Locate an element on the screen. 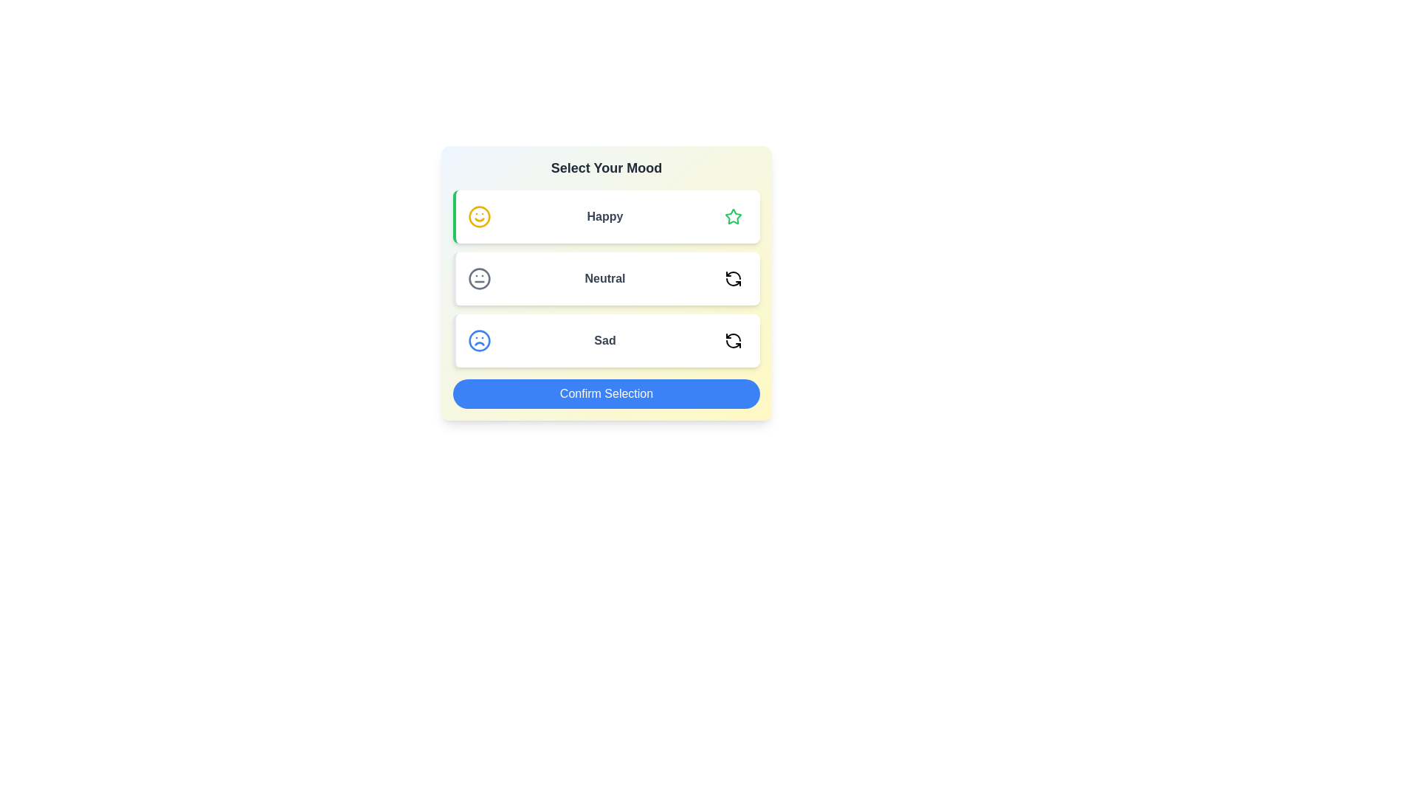 The image size is (1417, 797). the Sad option to observe its hover effect is located at coordinates (606, 341).